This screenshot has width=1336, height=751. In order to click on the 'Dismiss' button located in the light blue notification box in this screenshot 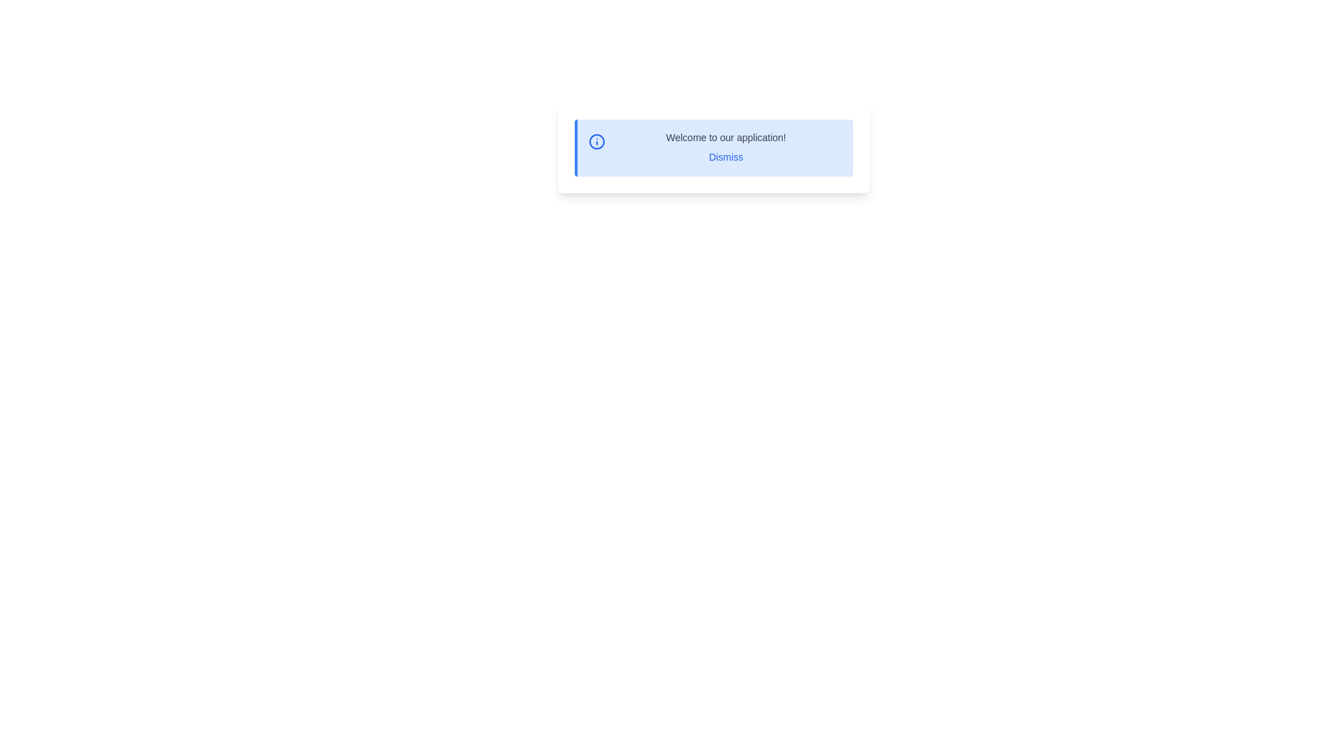, I will do `click(725, 156)`.